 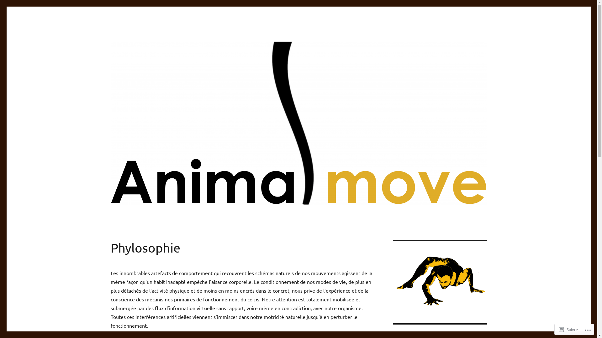 What do you see at coordinates (568, 329) in the screenshot?
I see `'Suivre'` at bounding box center [568, 329].